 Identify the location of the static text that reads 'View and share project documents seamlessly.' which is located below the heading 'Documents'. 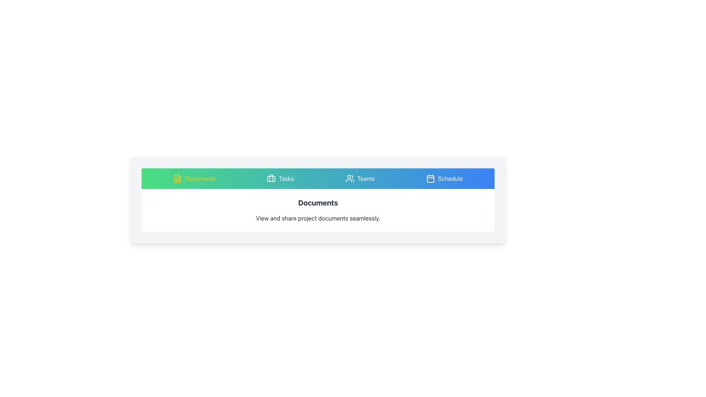
(318, 218).